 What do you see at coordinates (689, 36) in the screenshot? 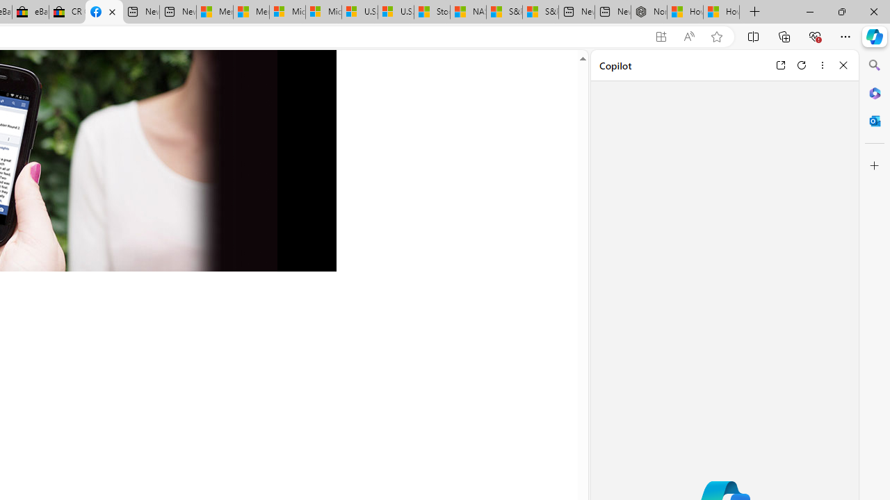
I see `'Read aloud this page (Ctrl+Shift+U)'` at bounding box center [689, 36].